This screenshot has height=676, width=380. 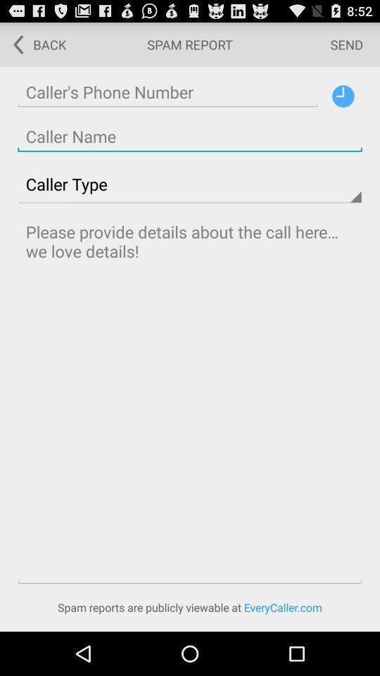 What do you see at coordinates (190, 400) in the screenshot?
I see `text` at bounding box center [190, 400].